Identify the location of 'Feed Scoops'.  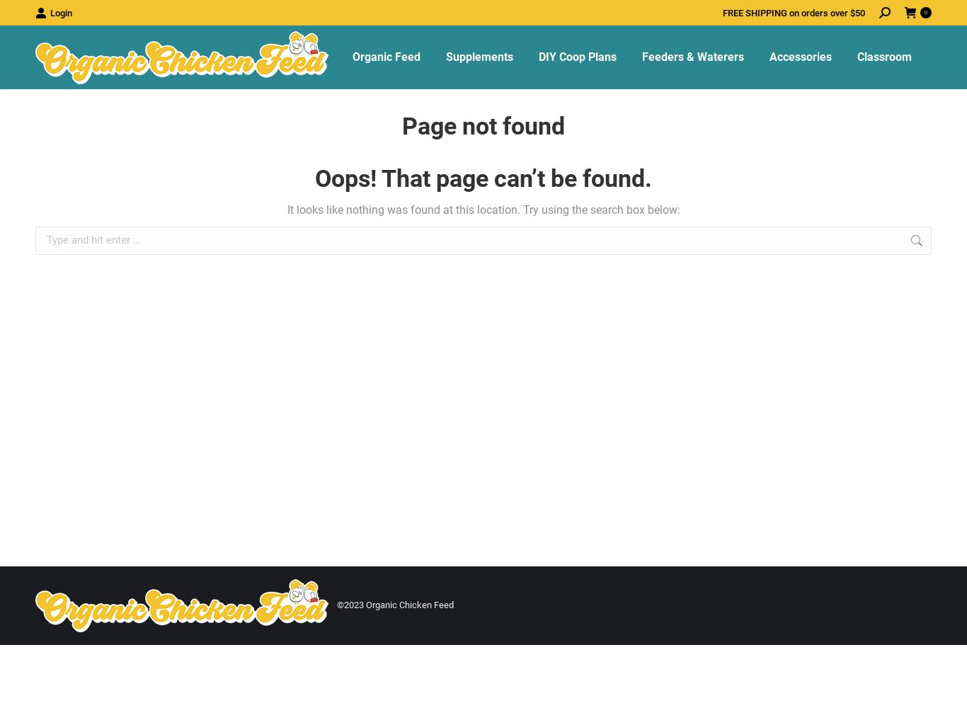
(796, 163).